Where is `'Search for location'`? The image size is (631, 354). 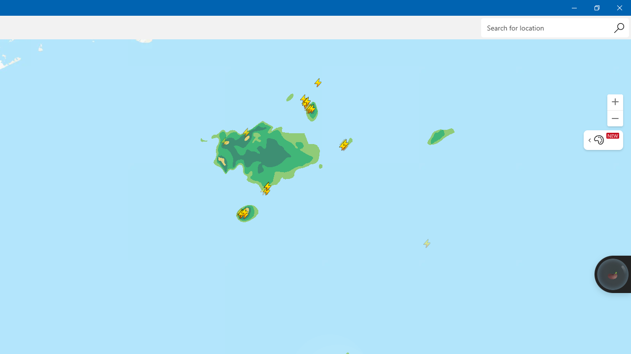
'Search for location' is located at coordinates (555, 27).